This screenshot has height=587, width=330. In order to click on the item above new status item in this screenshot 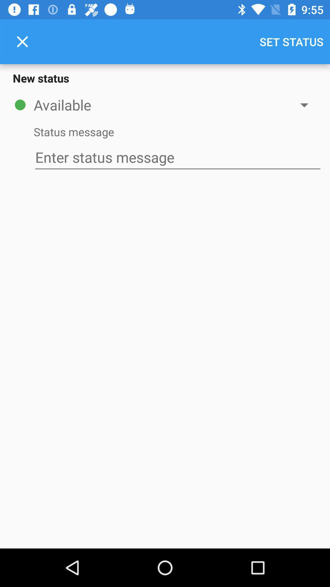, I will do `click(22, 41)`.